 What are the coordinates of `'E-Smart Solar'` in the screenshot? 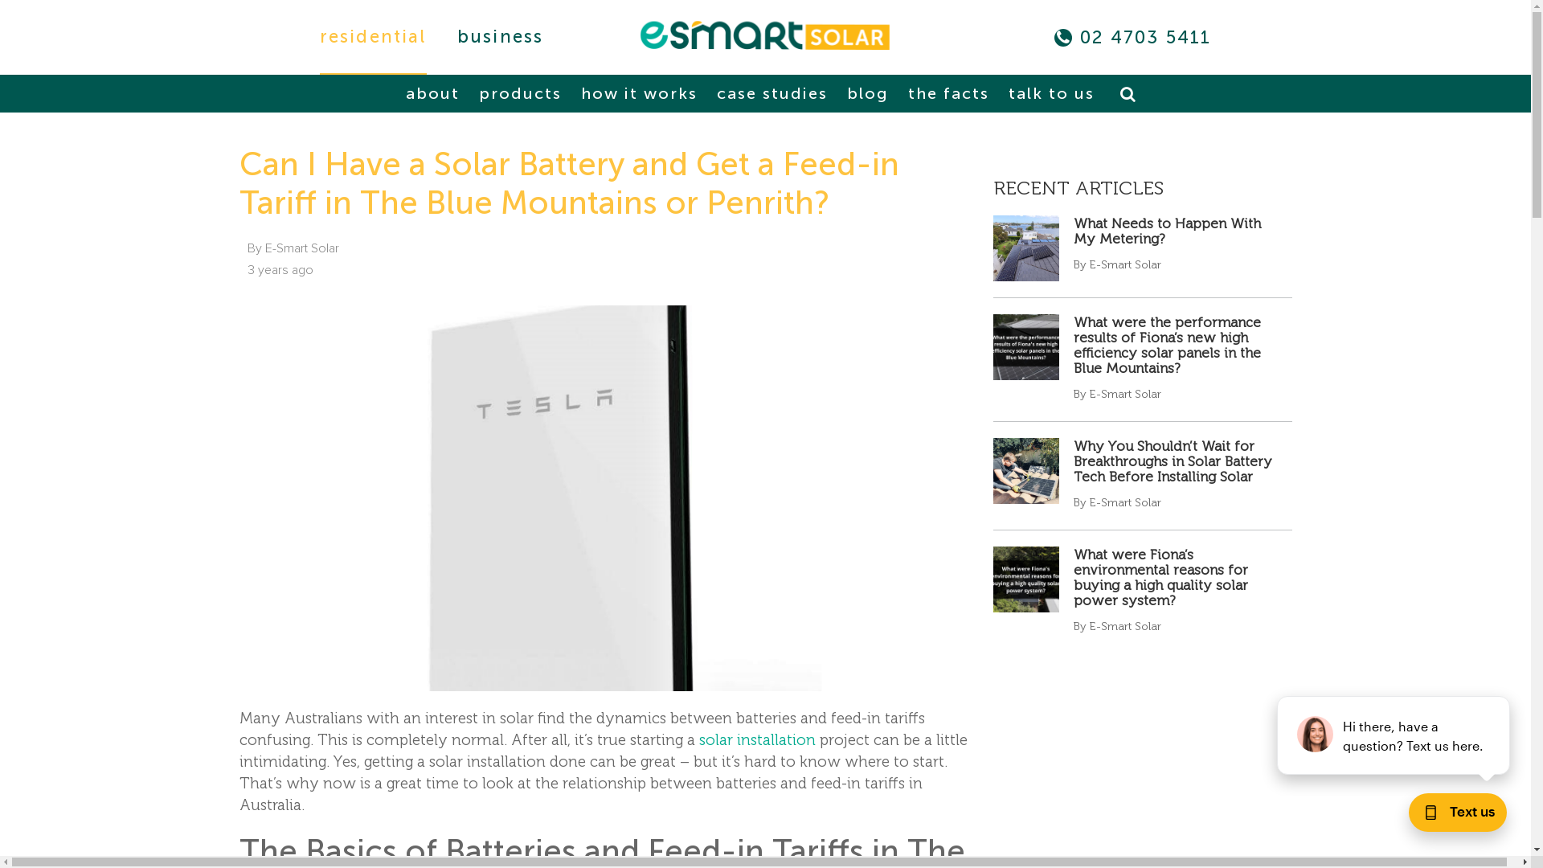 It's located at (763, 35).